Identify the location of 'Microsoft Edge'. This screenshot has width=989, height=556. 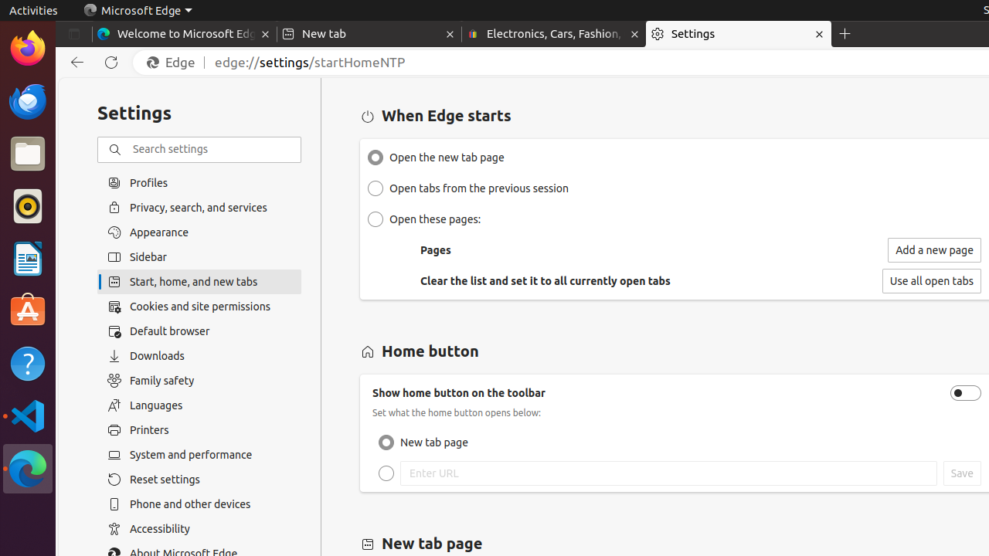
(138, 10).